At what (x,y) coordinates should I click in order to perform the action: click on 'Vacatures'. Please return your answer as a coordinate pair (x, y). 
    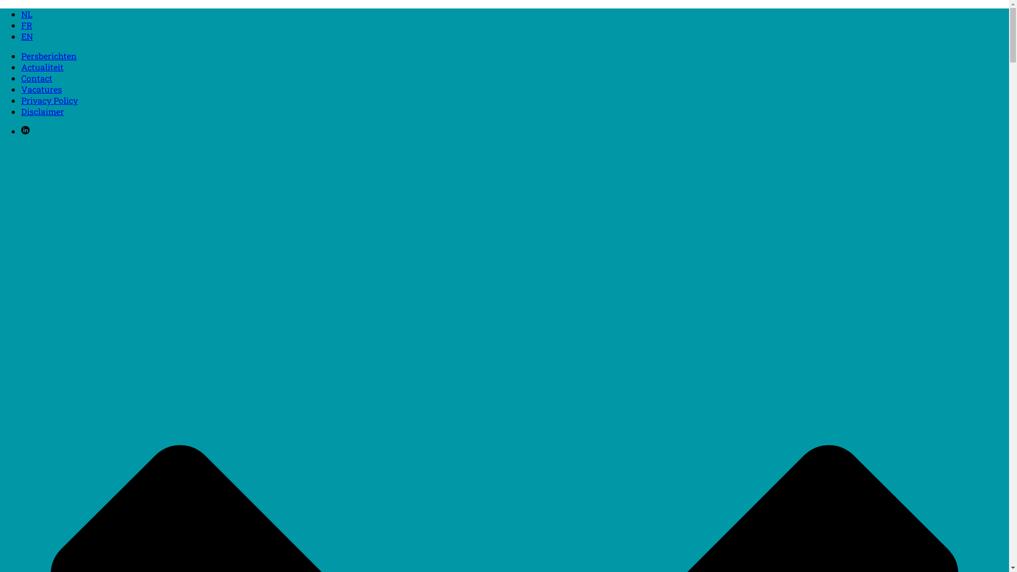
    Looking at the image, I should click on (41, 88).